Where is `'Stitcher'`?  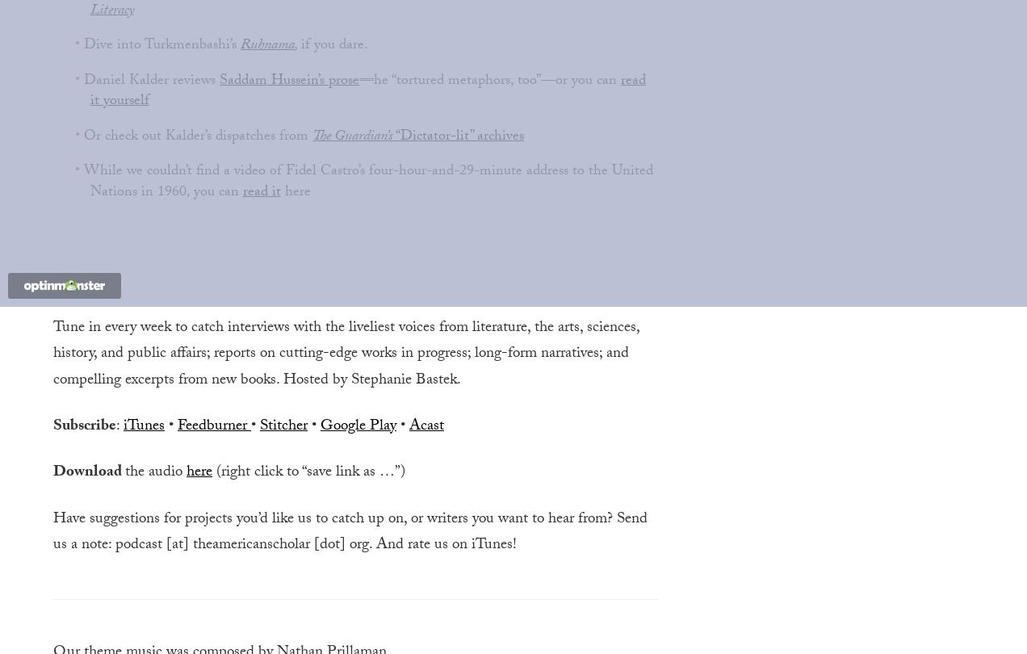
'Stitcher' is located at coordinates (283, 426).